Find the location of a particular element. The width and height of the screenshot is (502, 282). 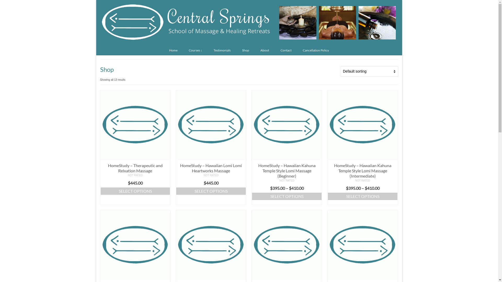

'SELECT OPTIONS' is located at coordinates (252, 196).